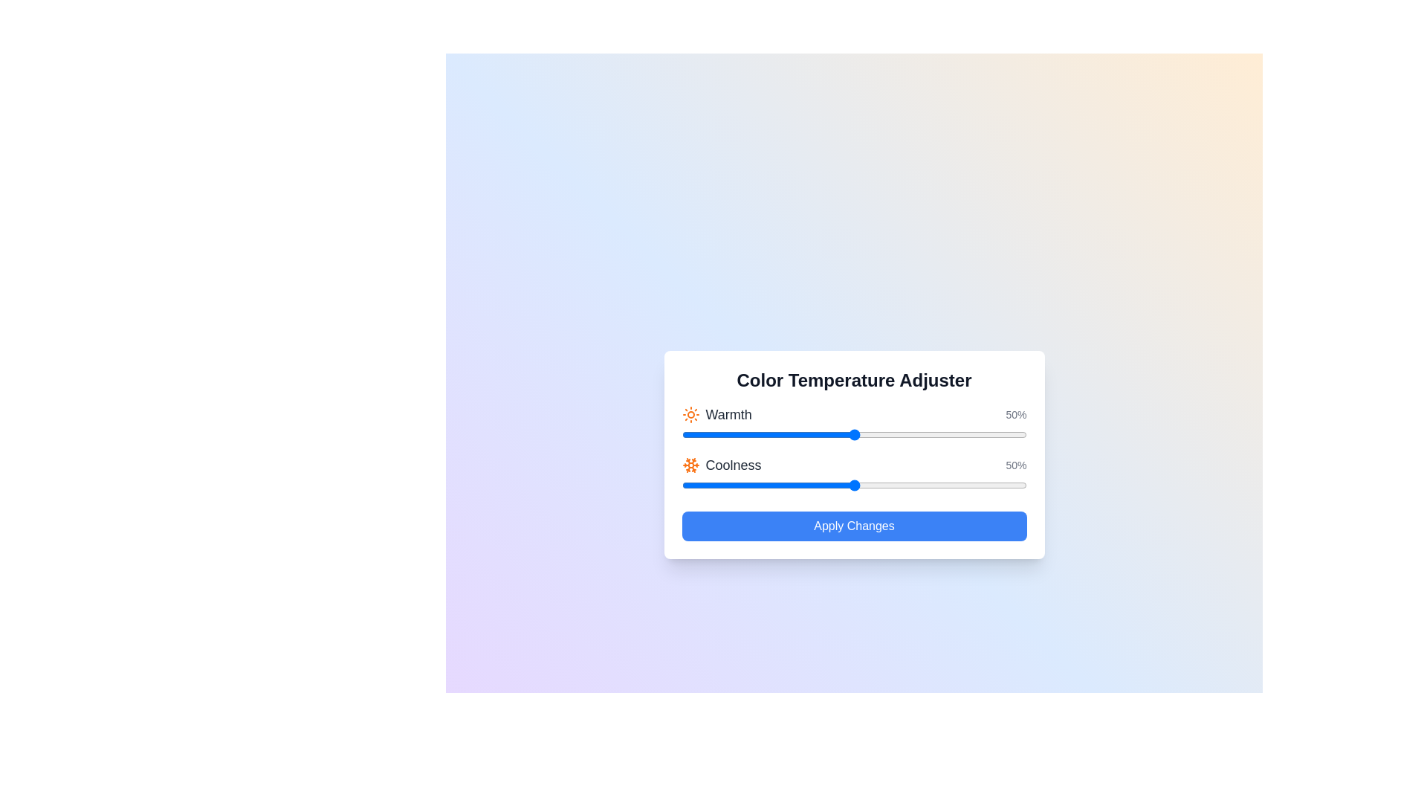 This screenshot has width=1427, height=803. What do you see at coordinates (854, 526) in the screenshot?
I see `the 'Apply Changes' button` at bounding box center [854, 526].